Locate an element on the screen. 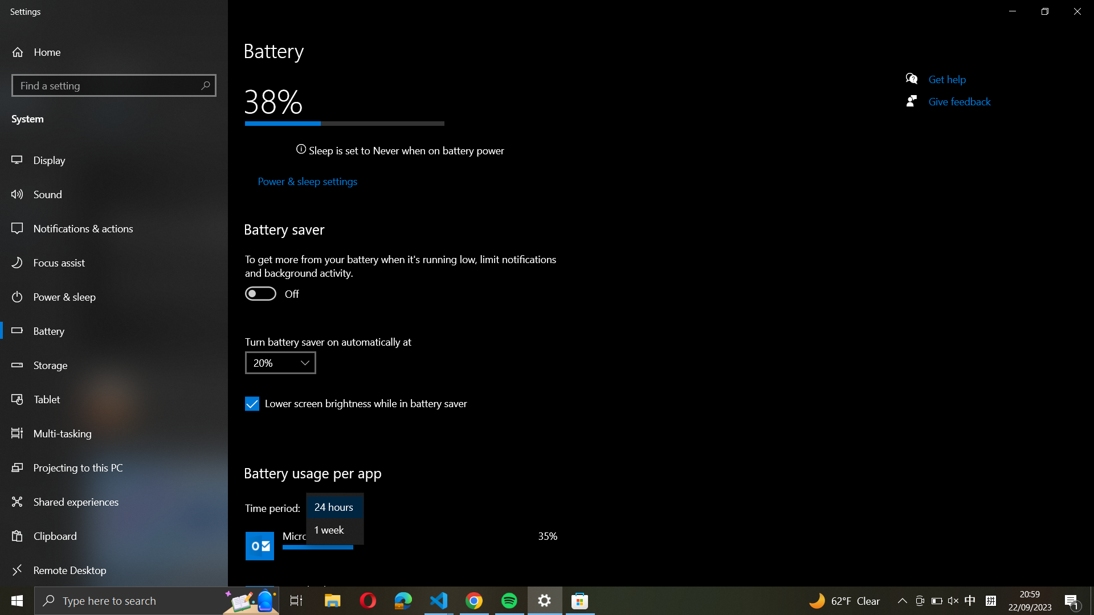 This screenshot has width=1094, height=615. the display configurations is located at coordinates (115, 159).